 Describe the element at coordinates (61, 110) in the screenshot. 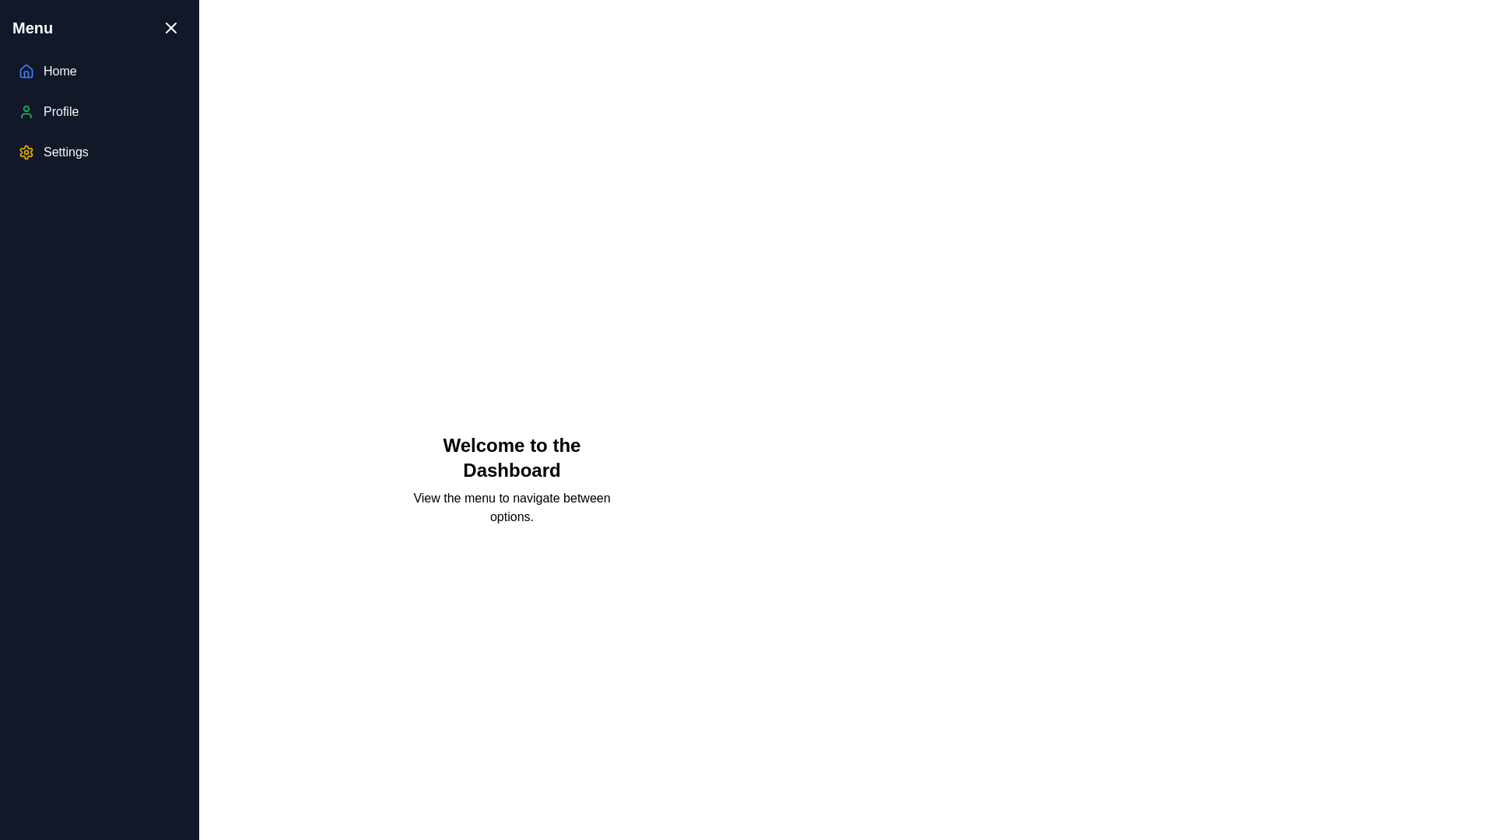

I see `the 'Profile' text label in the navigation menu` at that location.